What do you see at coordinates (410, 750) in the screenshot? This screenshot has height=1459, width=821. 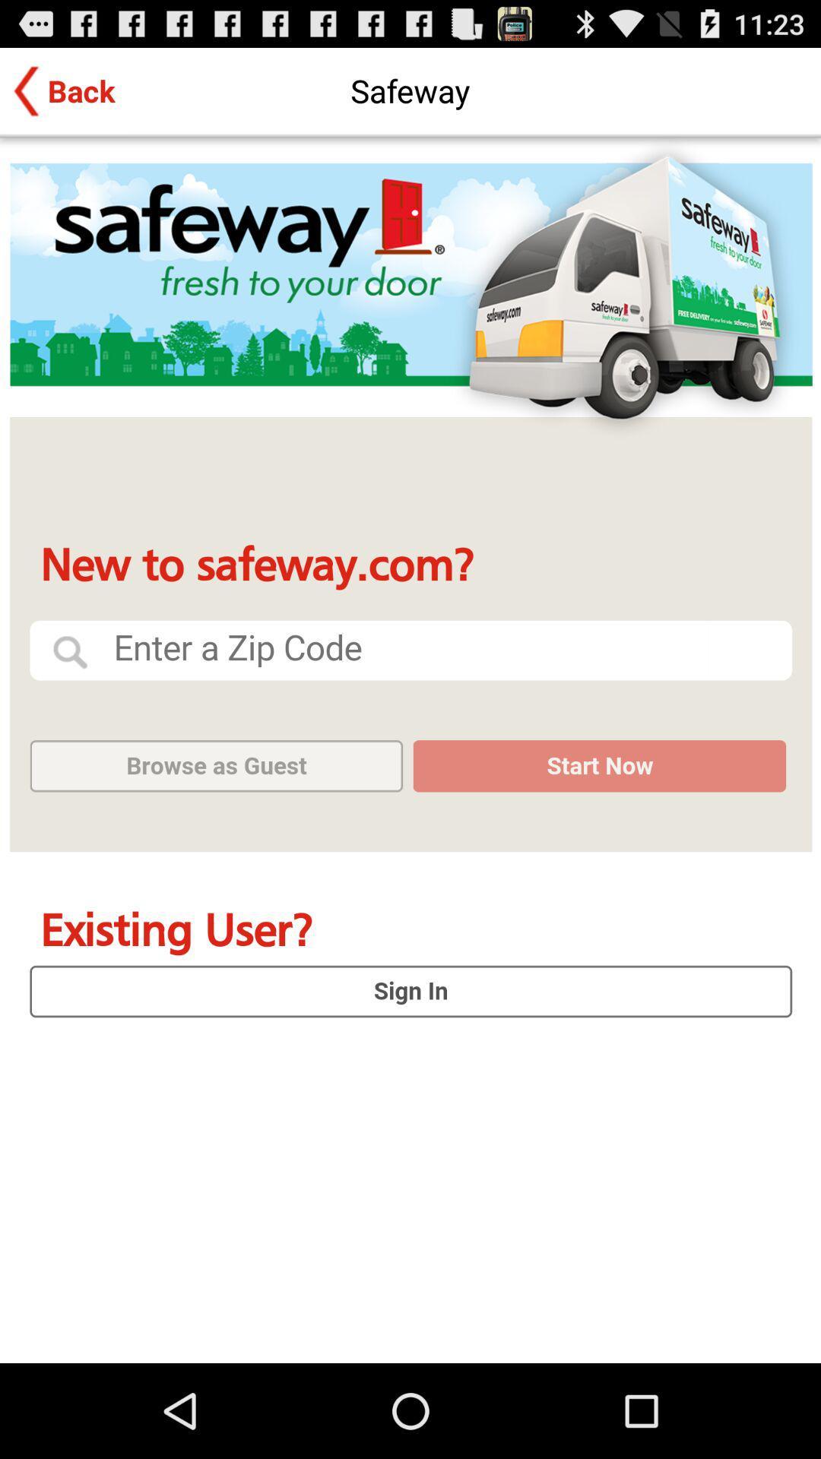 I see `screenshot the picture` at bounding box center [410, 750].